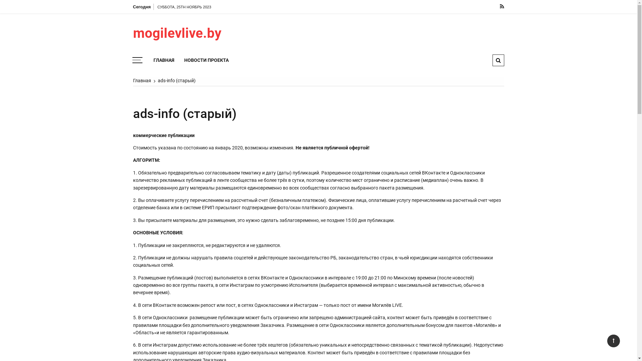 The height and width of the screenshot is (361, 642). Describe the element at coordinates (191, 33) in the screenshot. I see `'mogilevlive.by'` at that location.